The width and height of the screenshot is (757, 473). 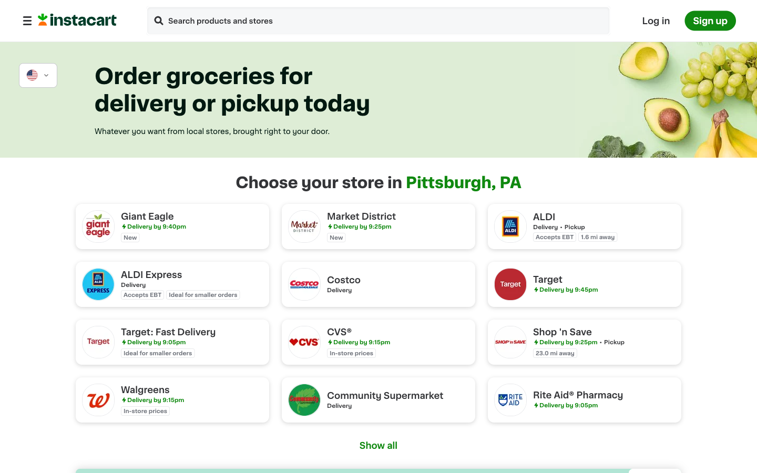 What do you see at coordinates (77, 23) in the screenshot?
I see `Instacart"s main page` at bounding box center [77, 23].